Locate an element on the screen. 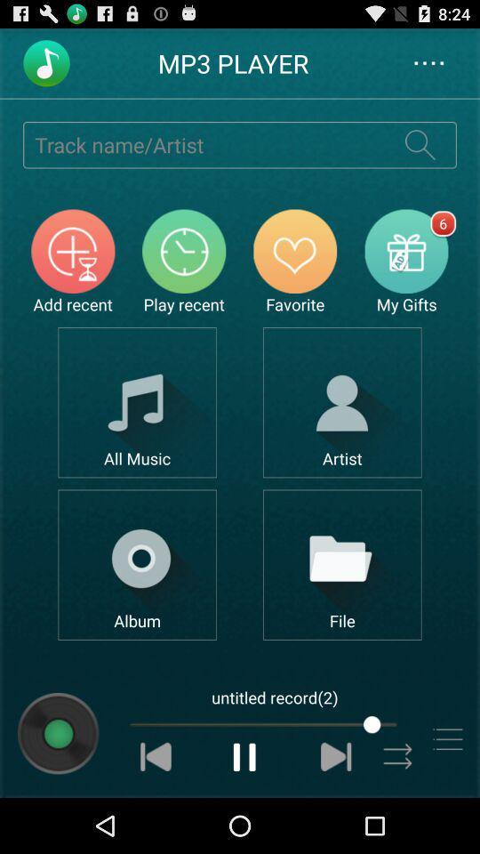 The image size is (480, 854). the arrow_forward icon is located at coordinates (398, 810).